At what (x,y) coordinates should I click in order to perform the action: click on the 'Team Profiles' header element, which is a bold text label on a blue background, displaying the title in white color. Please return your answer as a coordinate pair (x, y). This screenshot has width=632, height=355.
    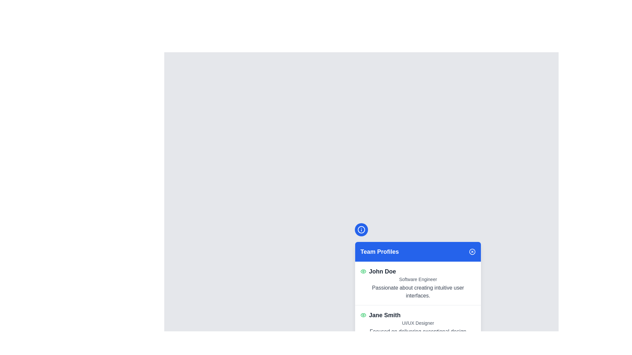
    Looking at the image, I should click on (380, 251).